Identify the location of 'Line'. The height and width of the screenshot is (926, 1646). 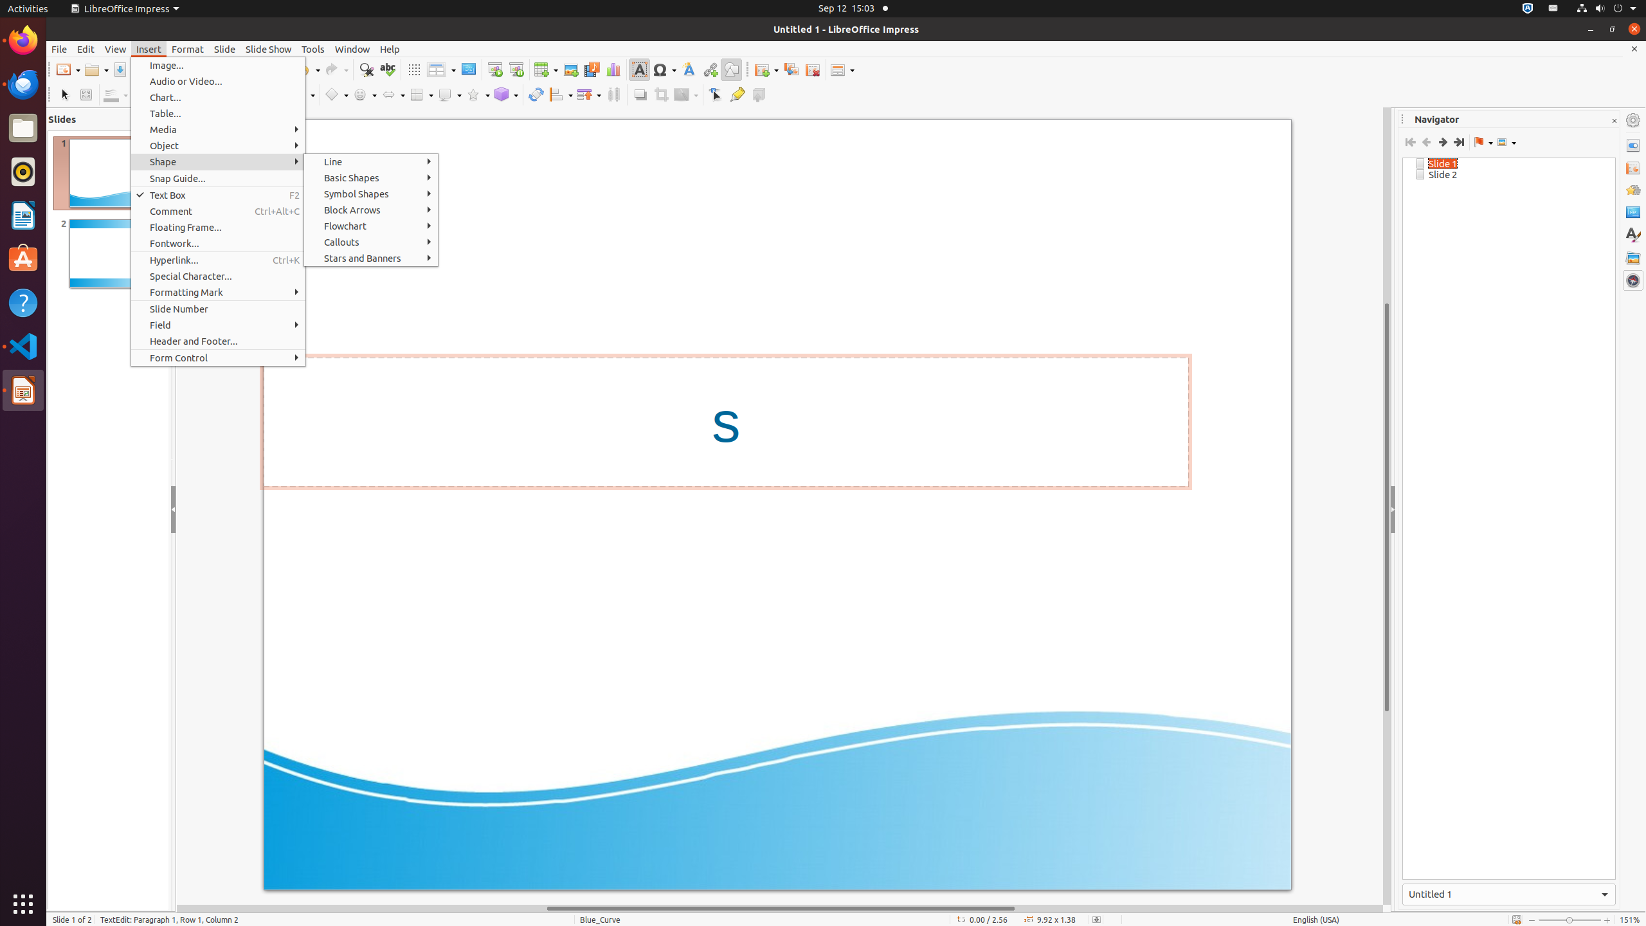
(370, 161).